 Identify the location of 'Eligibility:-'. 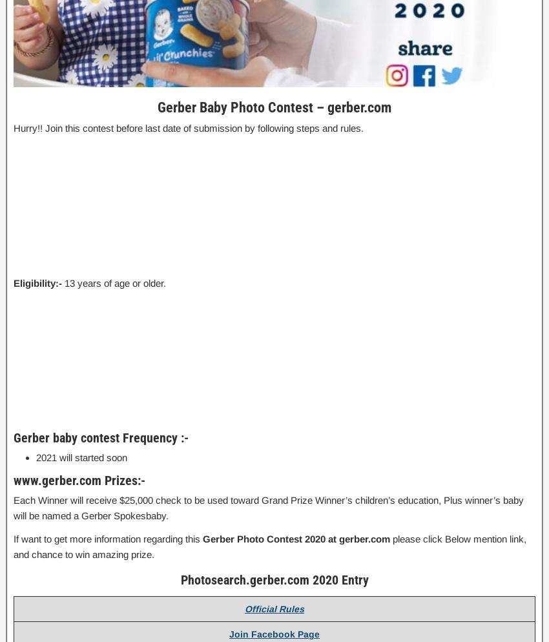
(37, 282).